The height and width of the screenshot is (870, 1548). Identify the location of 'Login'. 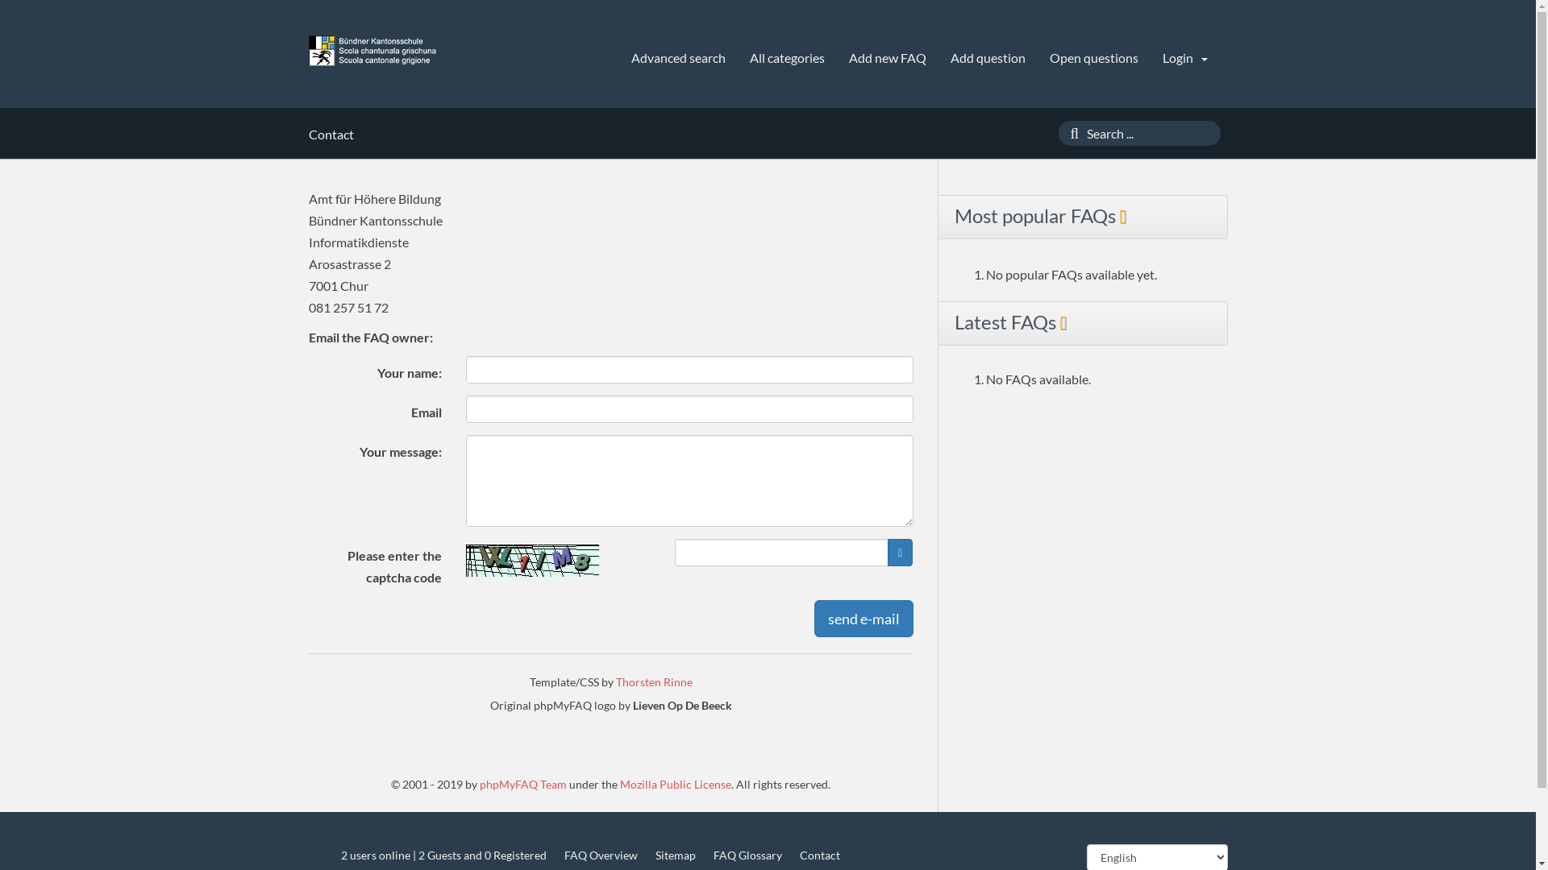
(1184, 57).